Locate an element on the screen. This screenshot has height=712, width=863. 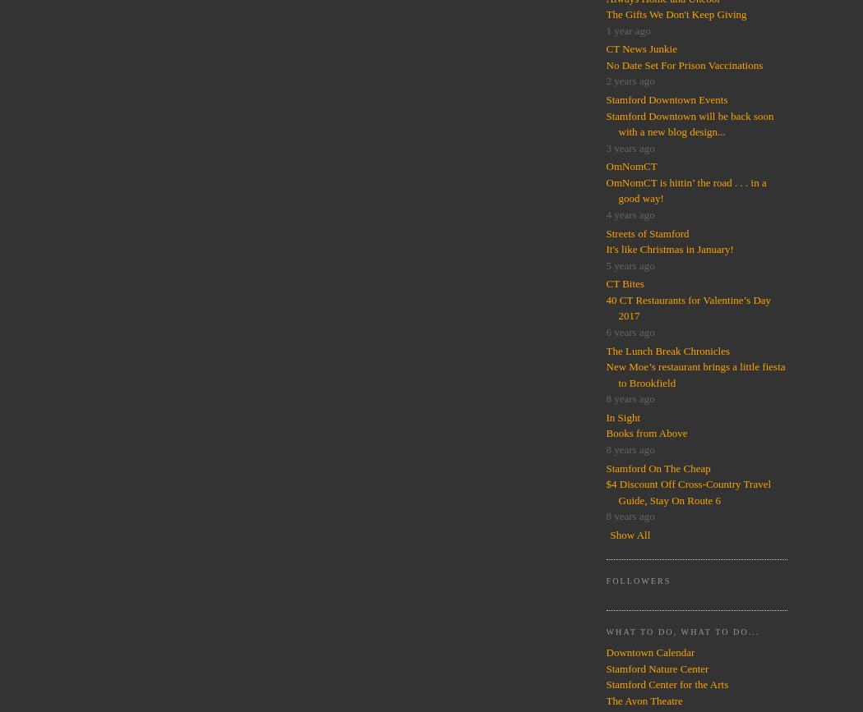
'4 years ago' is located at coordinates (630, 214).